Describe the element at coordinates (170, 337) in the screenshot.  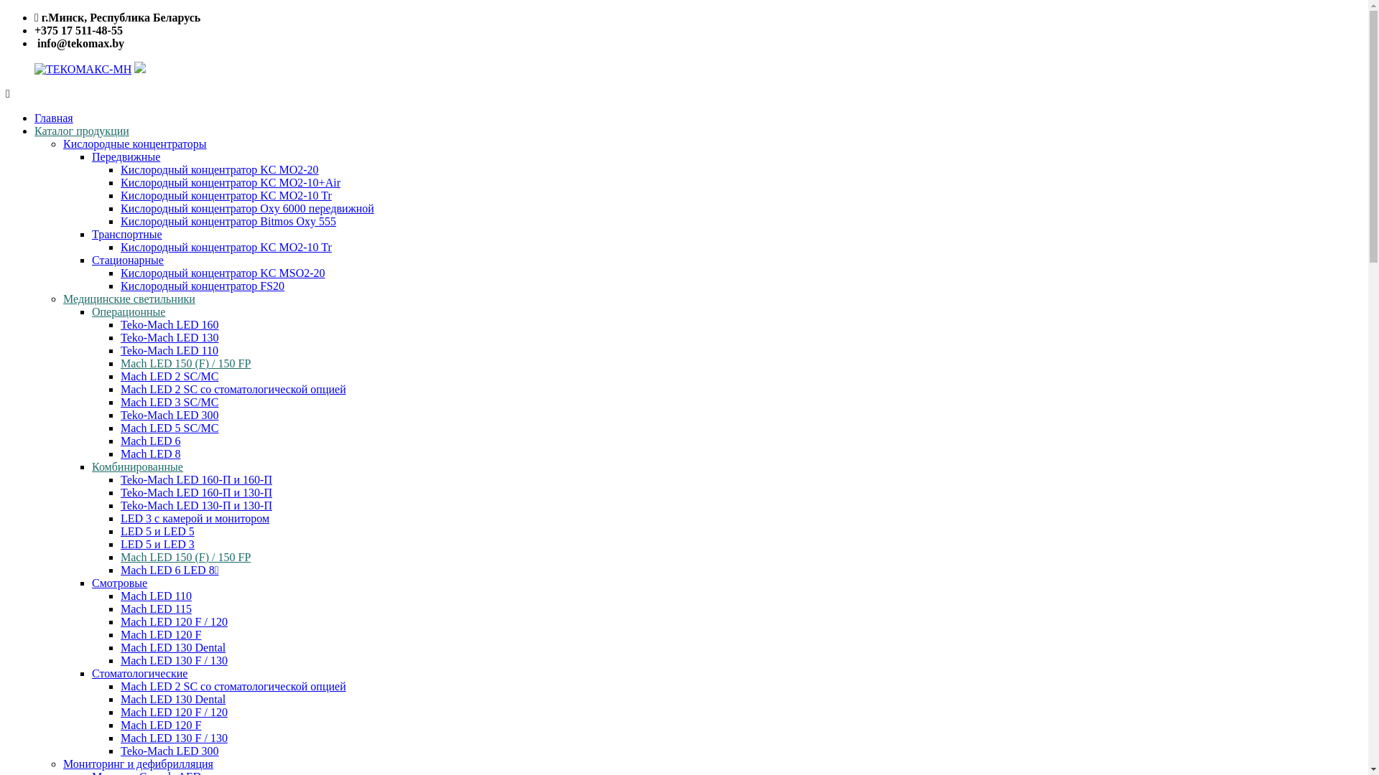
I see `'Teko-Mach LED 130'` at that location.